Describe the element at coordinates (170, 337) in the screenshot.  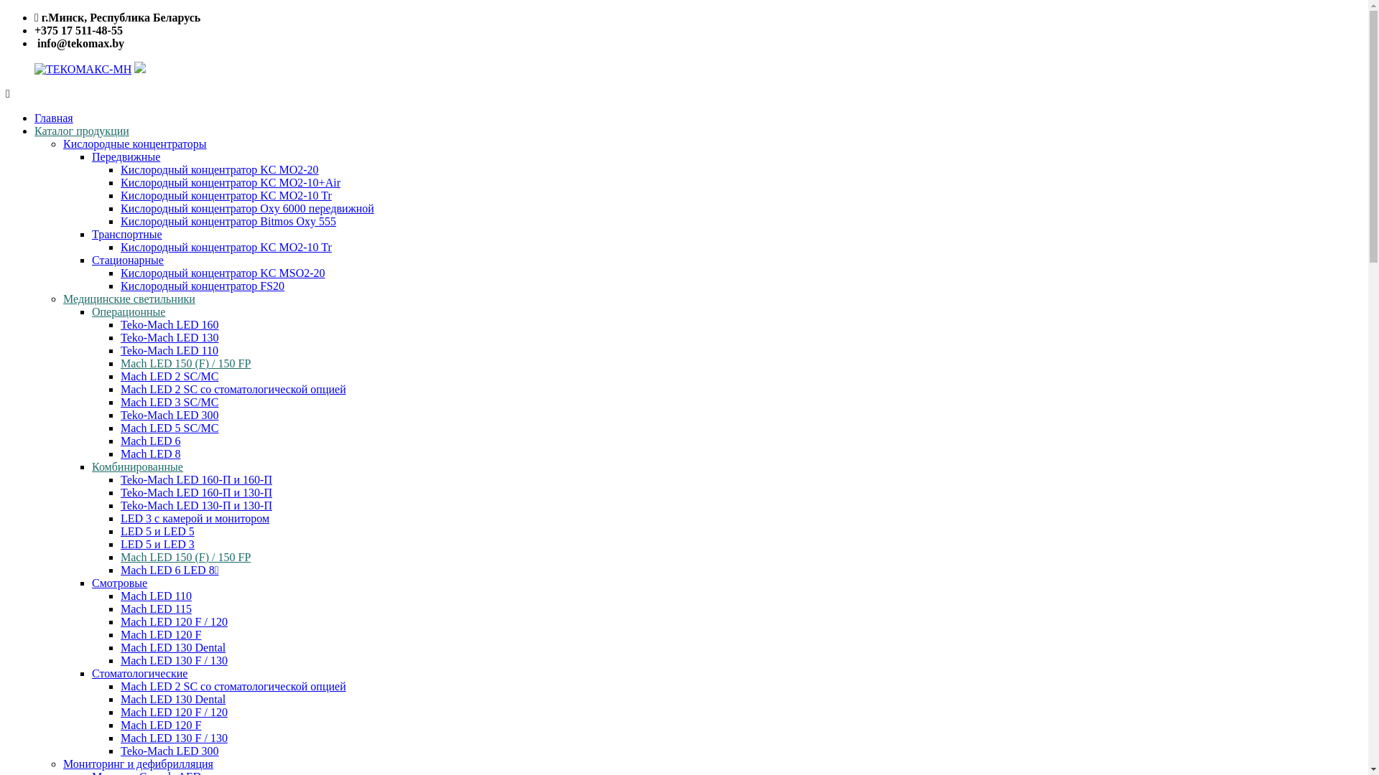
I see `'Teko-Mach LED 130'` at that location.